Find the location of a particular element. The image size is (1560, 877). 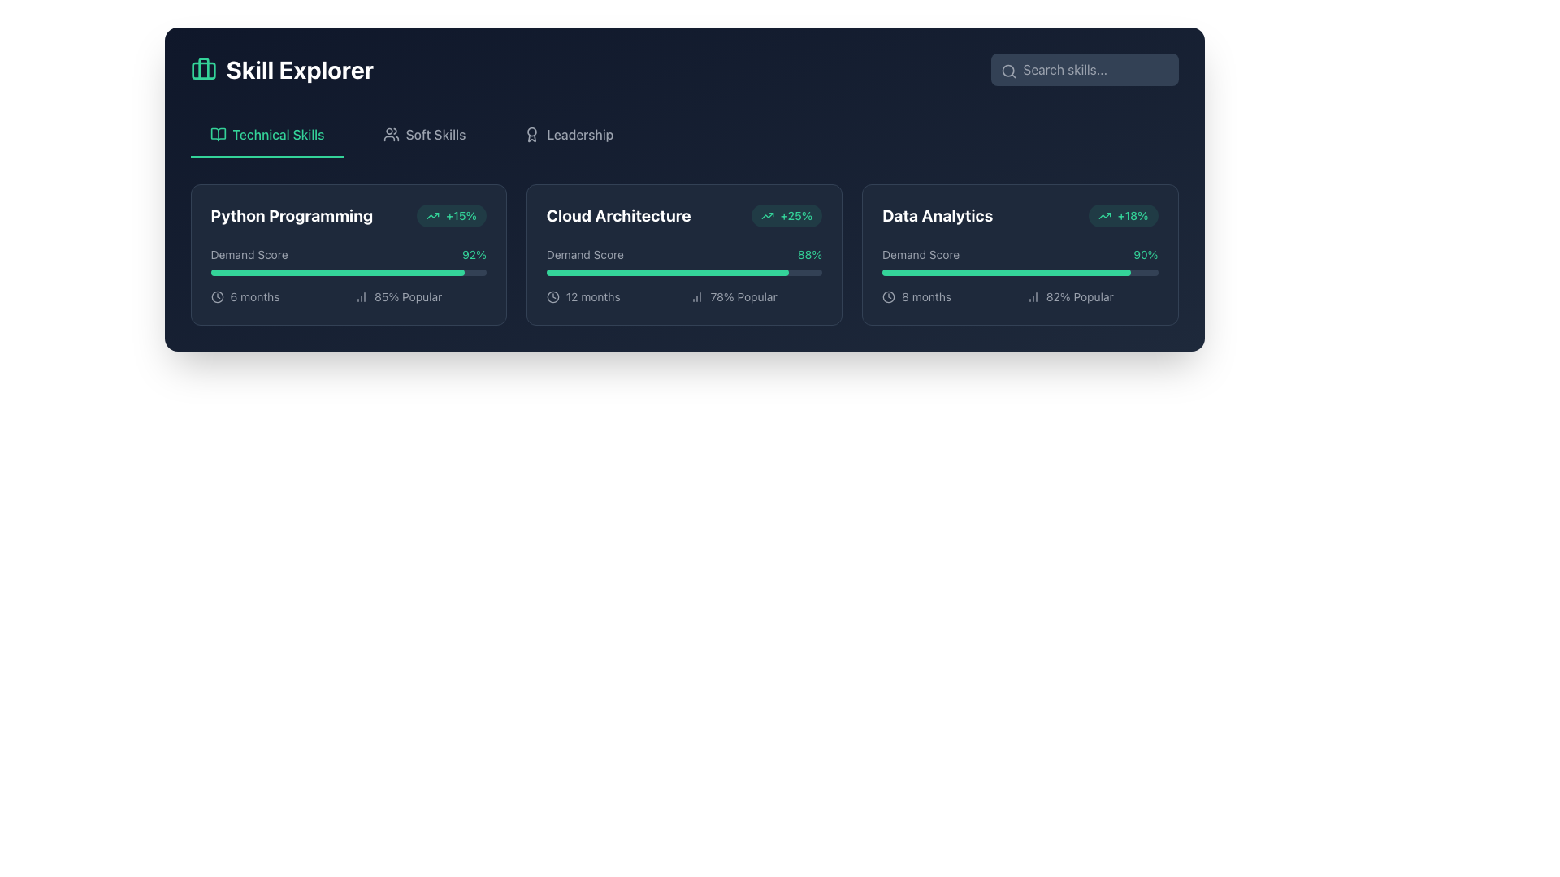

the 'Soft Skills' text label located in the horizontal navigation bar is located at coordinates (435, 133).